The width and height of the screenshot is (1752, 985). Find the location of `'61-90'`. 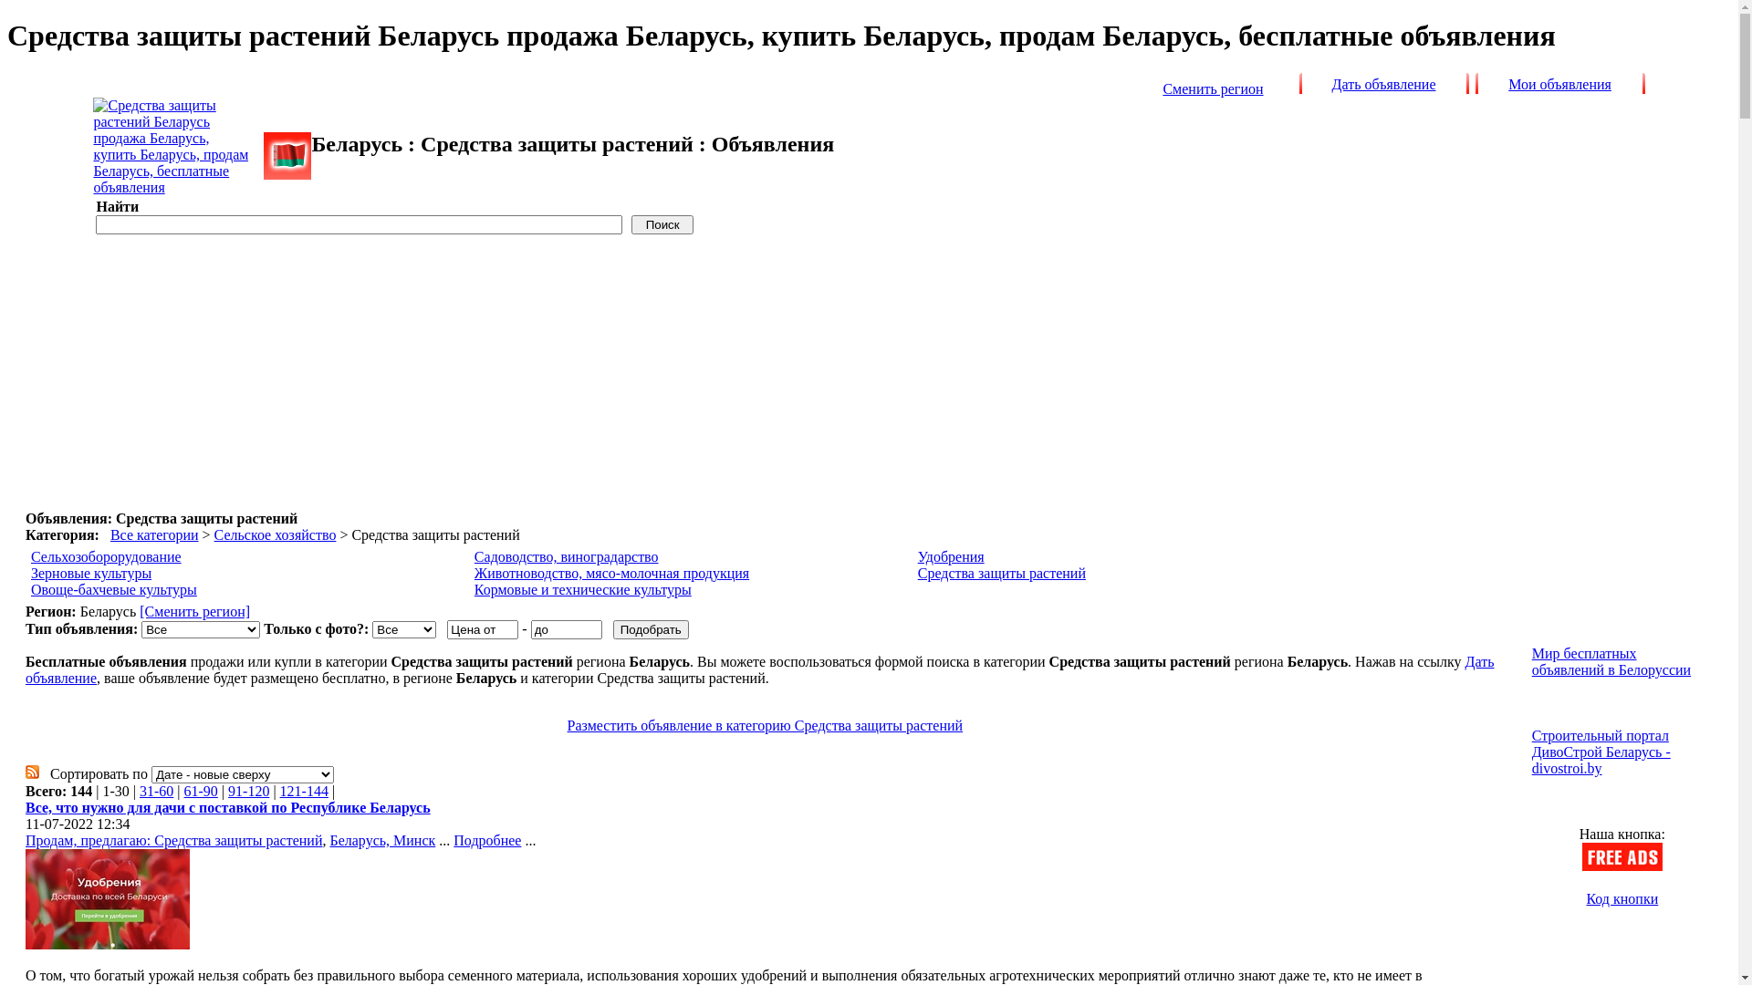

'61-90' is located at coordinates (201, 790).